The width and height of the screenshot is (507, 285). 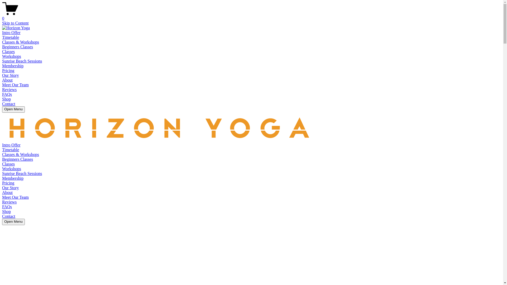 What do you see at coordinates (9, 104) in the screenshot?
I see `'Contact'` at bounding box center [9, 104].